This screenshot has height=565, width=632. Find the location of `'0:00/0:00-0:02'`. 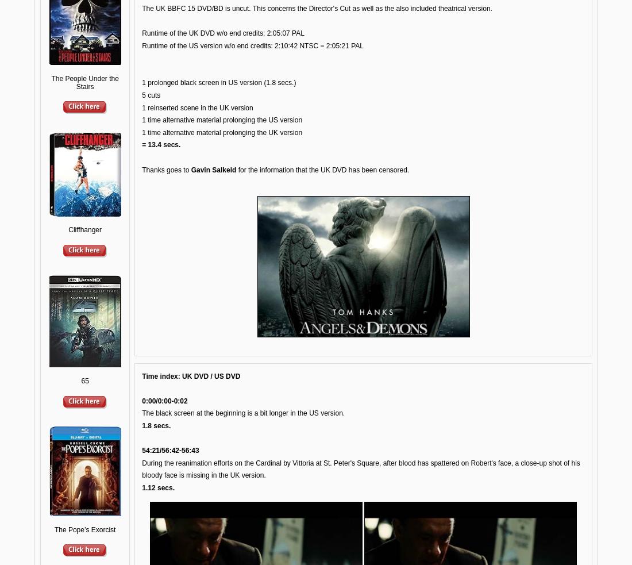

'0:00/0:00-0:02' is located at coordinates (164, 400).